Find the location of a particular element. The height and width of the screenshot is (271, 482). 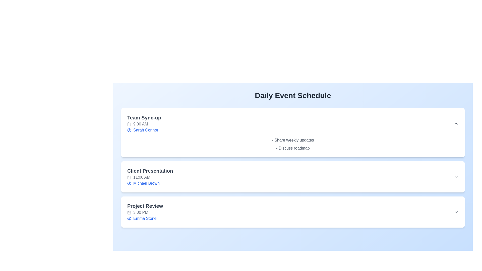

the informational text label representing the first agenda item for the 'Team Sync-up' meeting, located above the text '- Discuss roadmap' is located at coordinates (293, 140).